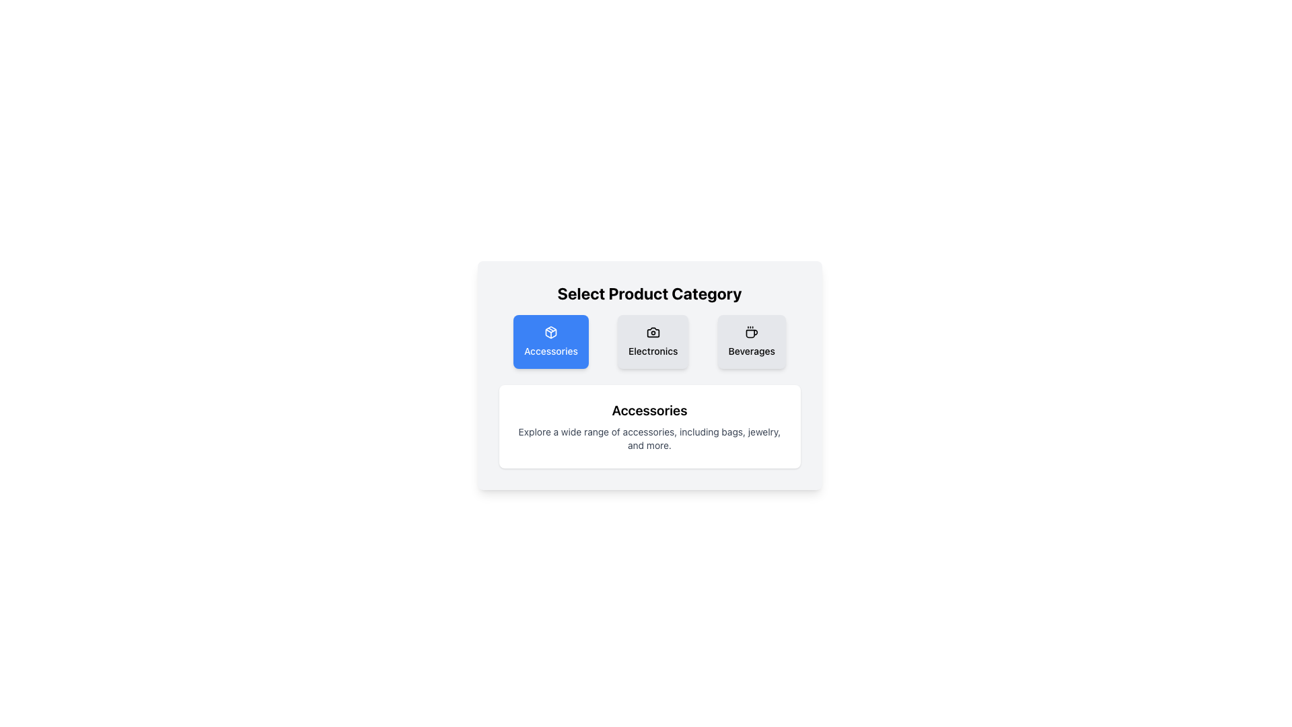 This screenshot has height=727, width=1292. I want to click on the bold, large-sized text element that reads 'Select Product Category', so click(649, 292).